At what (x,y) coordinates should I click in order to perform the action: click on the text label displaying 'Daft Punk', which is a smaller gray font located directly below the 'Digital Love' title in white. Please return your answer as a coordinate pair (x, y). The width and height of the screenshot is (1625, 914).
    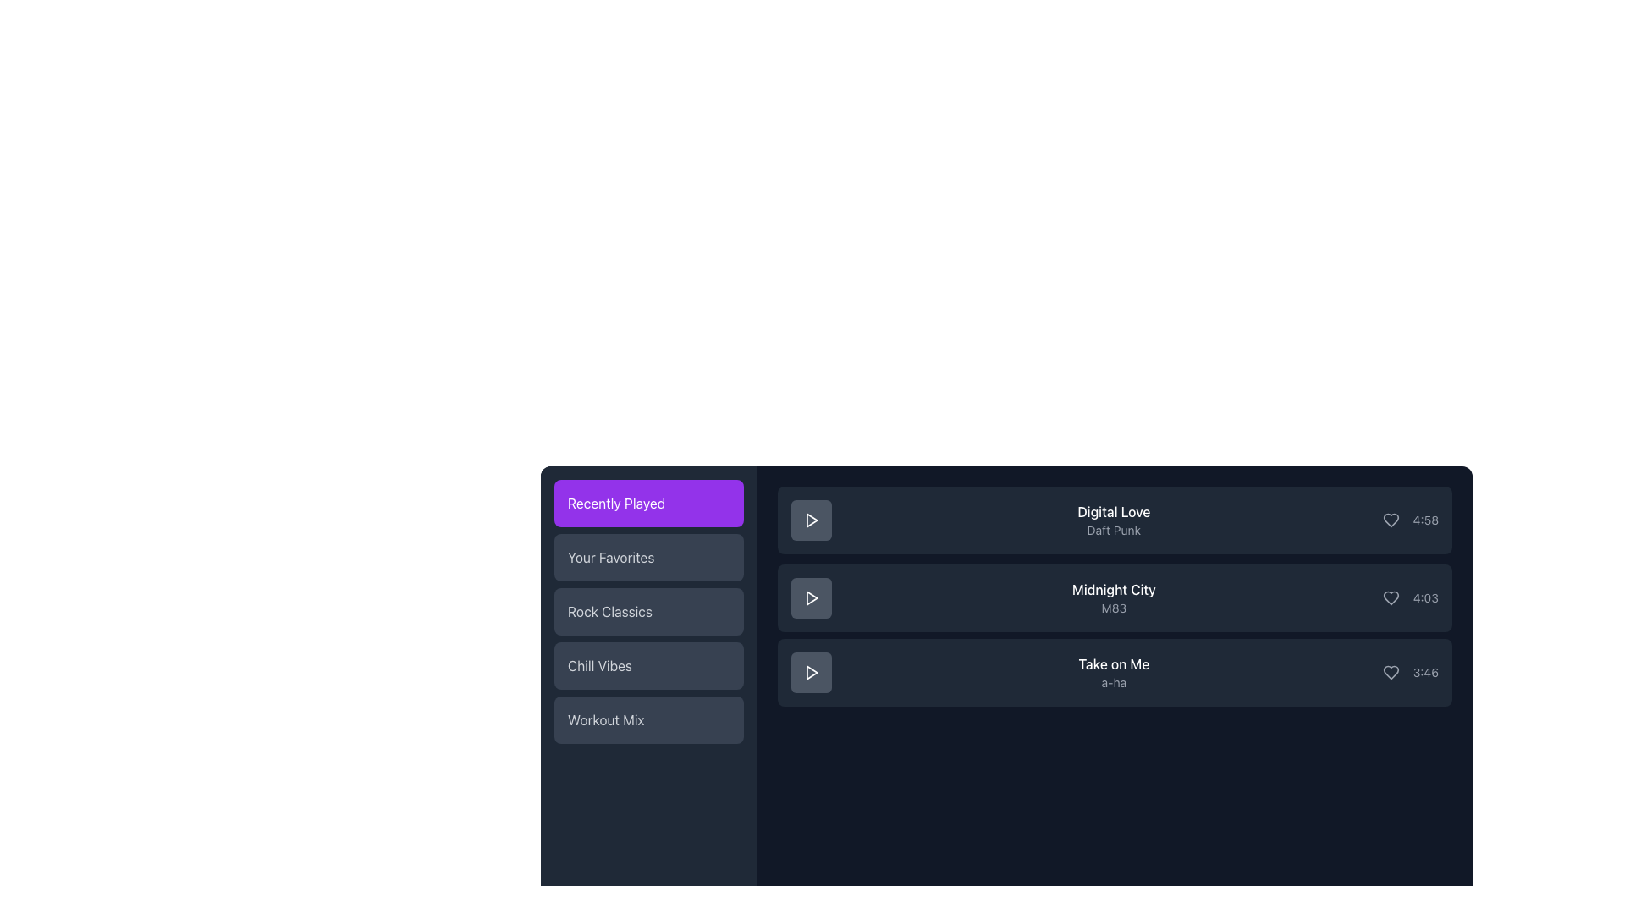
    Looking at the image, I should click on (1114, 530).